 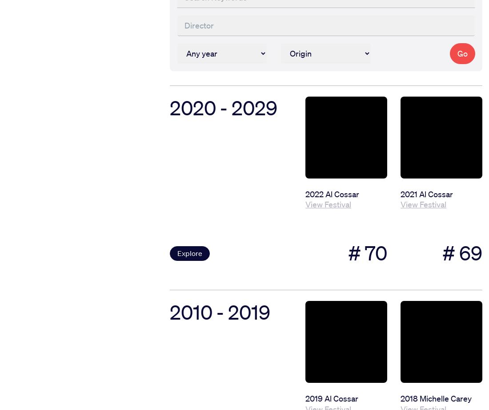 I want to click on '2021 Al Cossar', so click(x=426, y=193).